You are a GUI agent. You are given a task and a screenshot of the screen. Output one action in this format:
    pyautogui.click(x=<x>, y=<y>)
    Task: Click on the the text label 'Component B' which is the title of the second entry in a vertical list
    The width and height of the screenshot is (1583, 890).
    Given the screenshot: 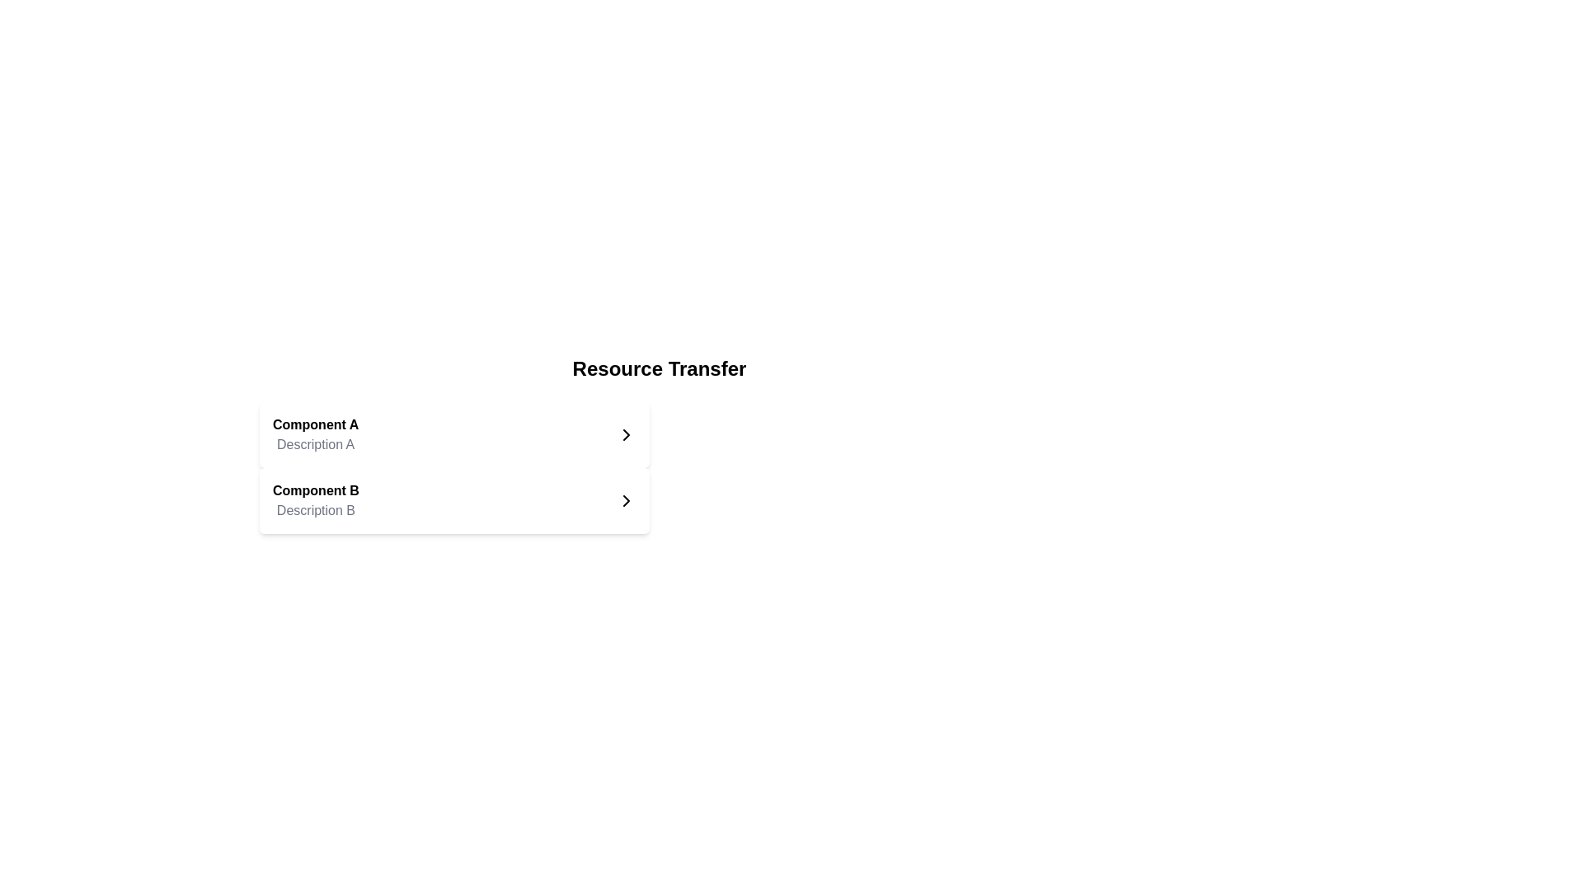 What is the action you would take?
    pyautogui.click(x=316, y=490)
    